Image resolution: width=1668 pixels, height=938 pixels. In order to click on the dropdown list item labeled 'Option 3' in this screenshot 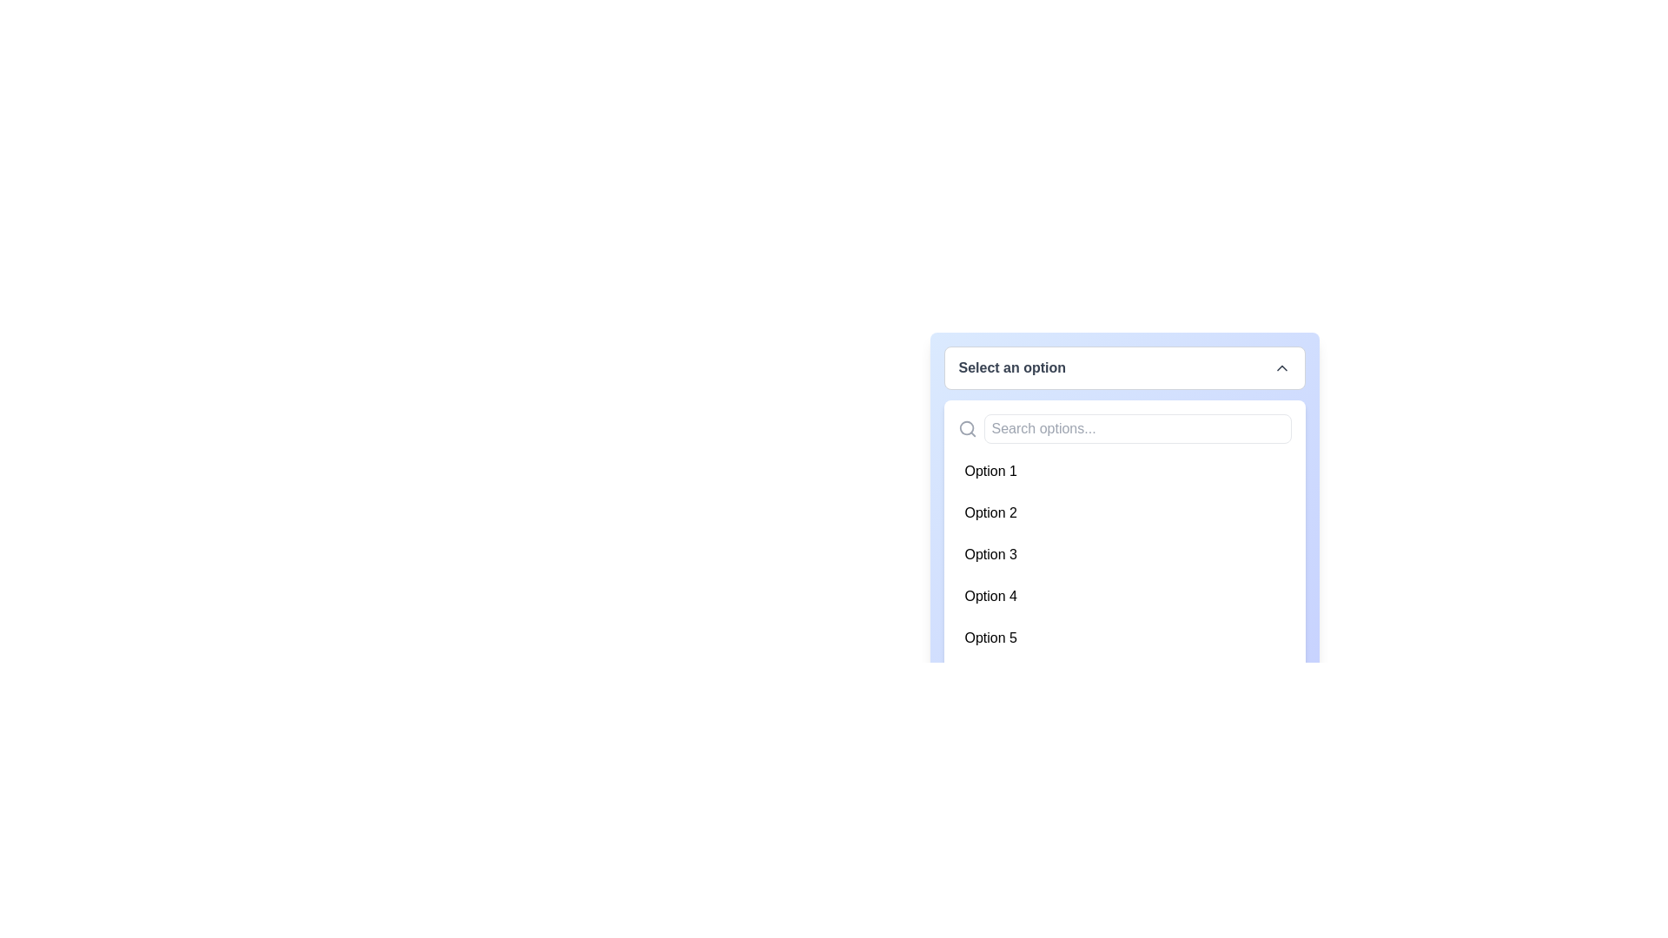, I will do `click(990, 555)`.